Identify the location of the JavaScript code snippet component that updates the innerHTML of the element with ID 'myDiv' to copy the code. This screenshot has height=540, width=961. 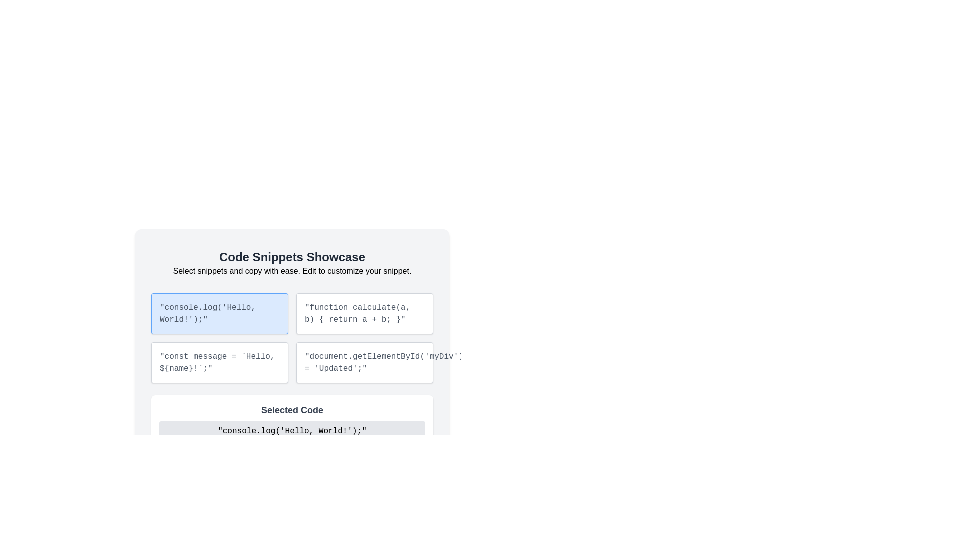
(364, 362).